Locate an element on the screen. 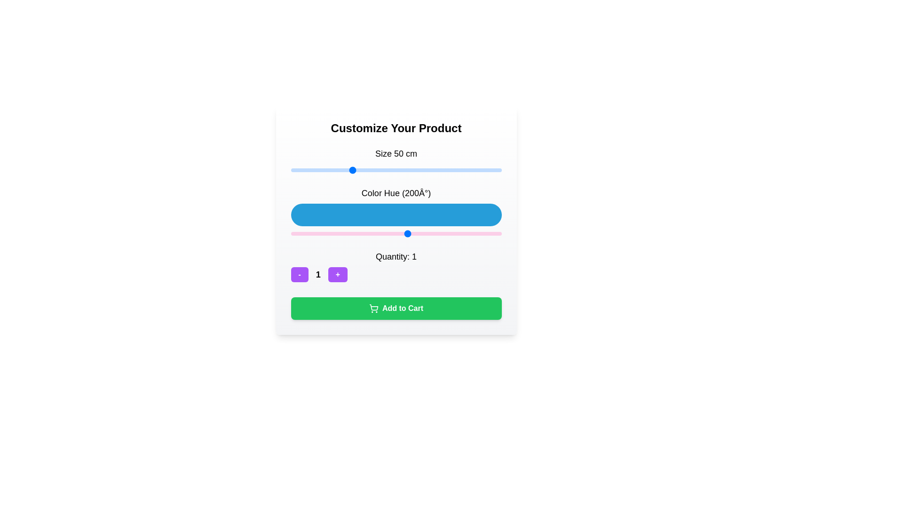 This screenshot has height=508, width=903. the size is located at coordinates (450, 170).